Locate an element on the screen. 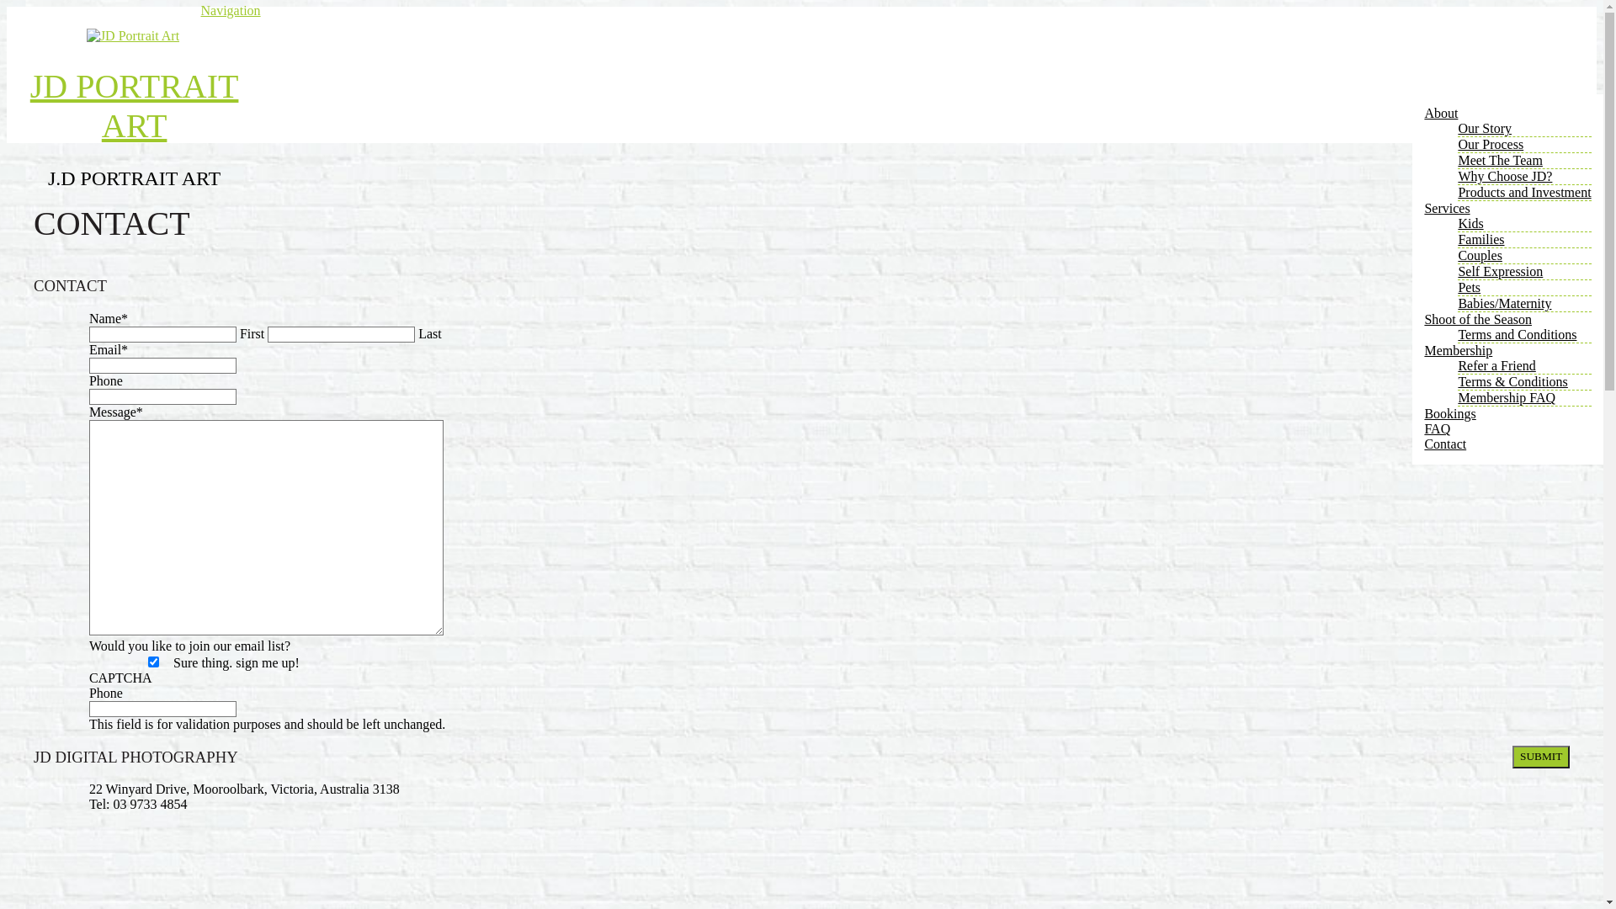 This screenshot has width=1616, height=909. 'Bookings' is located at coordinates (1422, 413).